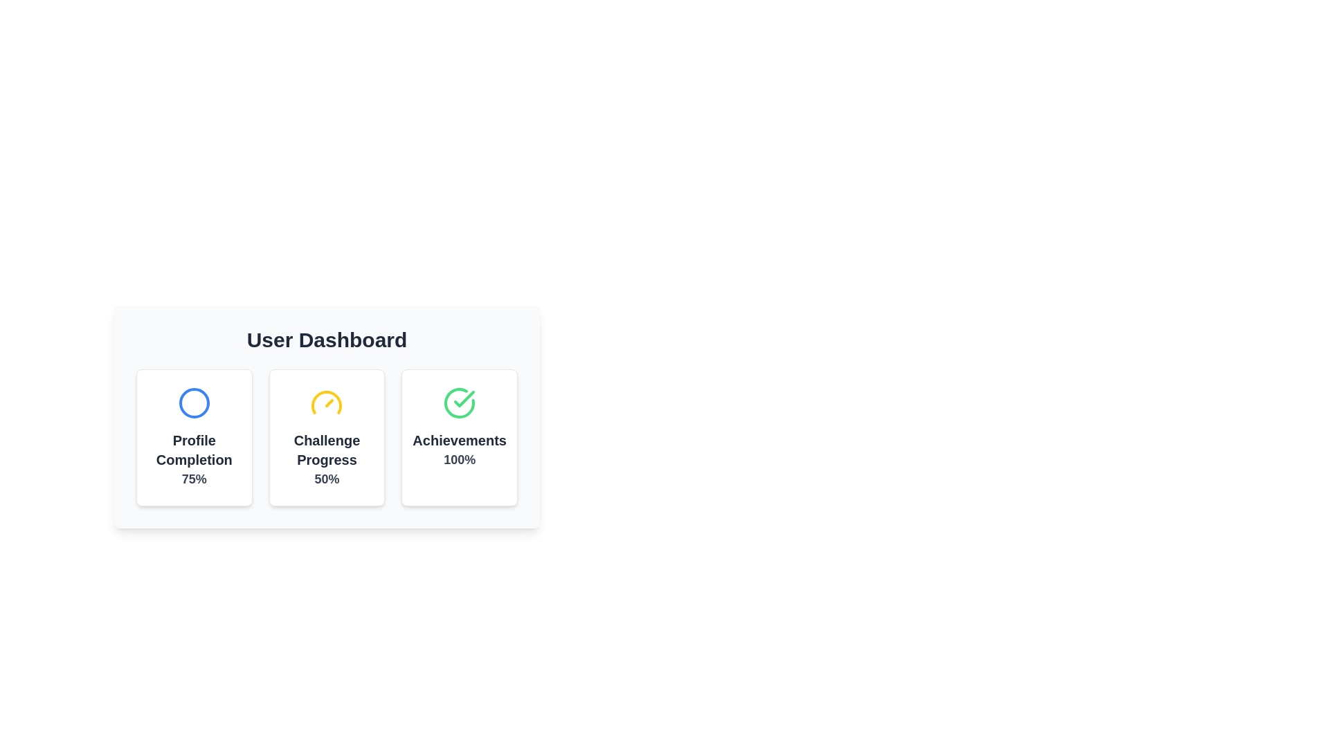  What do you see at coordinates (460, 437) in the screenshot?
I see `'Achievements' information card which shows a complete progress of 100%. This card is the third in a horizontal row of three cards, positioned below the 'User Dashboard' heading and to the right of the 'Challenge Progress' card` at bounding box center [460, 437].